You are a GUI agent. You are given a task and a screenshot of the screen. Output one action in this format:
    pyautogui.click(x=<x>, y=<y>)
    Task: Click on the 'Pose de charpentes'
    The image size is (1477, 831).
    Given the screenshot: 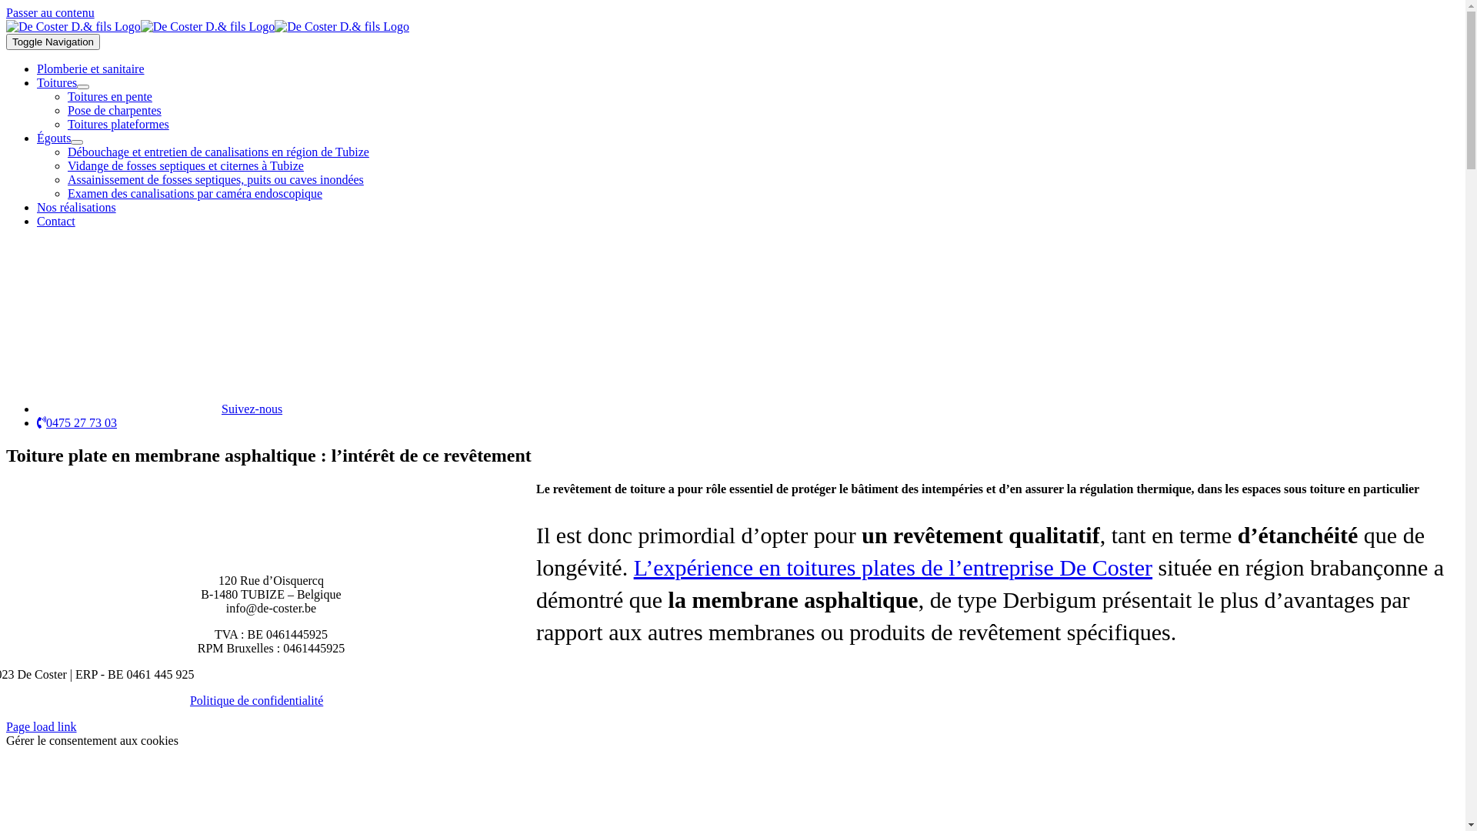 What is the action you would take?
    pyautogui.click(x=113, y=109)
    